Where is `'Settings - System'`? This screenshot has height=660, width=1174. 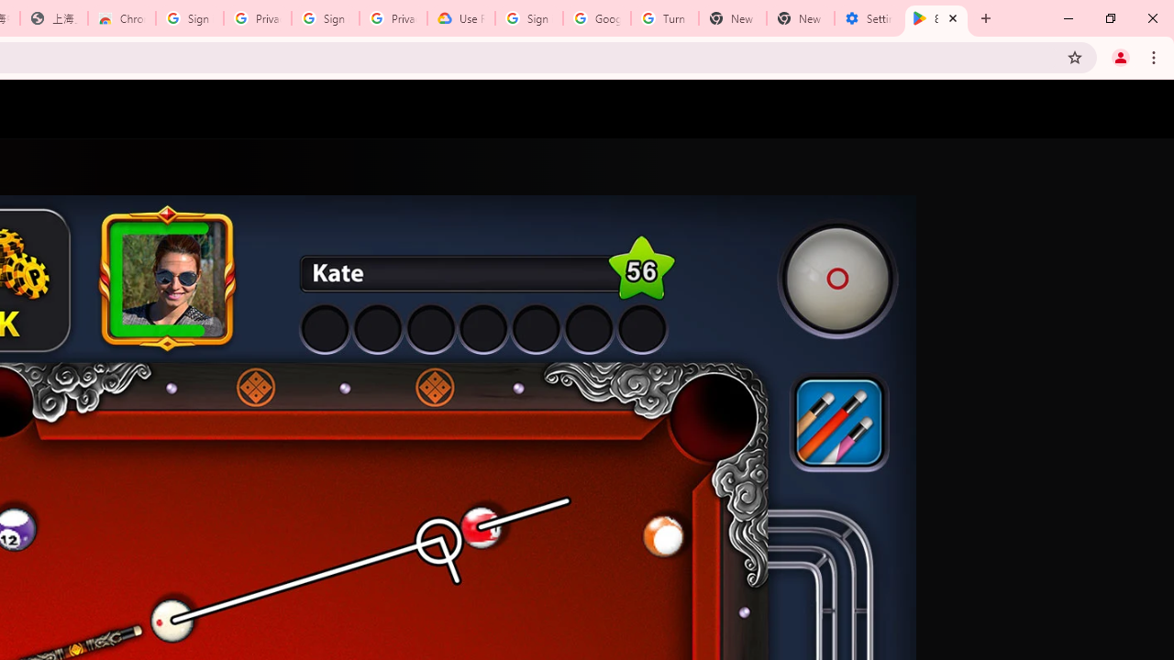 'Settings - System' is located at coordinates (868, 18).